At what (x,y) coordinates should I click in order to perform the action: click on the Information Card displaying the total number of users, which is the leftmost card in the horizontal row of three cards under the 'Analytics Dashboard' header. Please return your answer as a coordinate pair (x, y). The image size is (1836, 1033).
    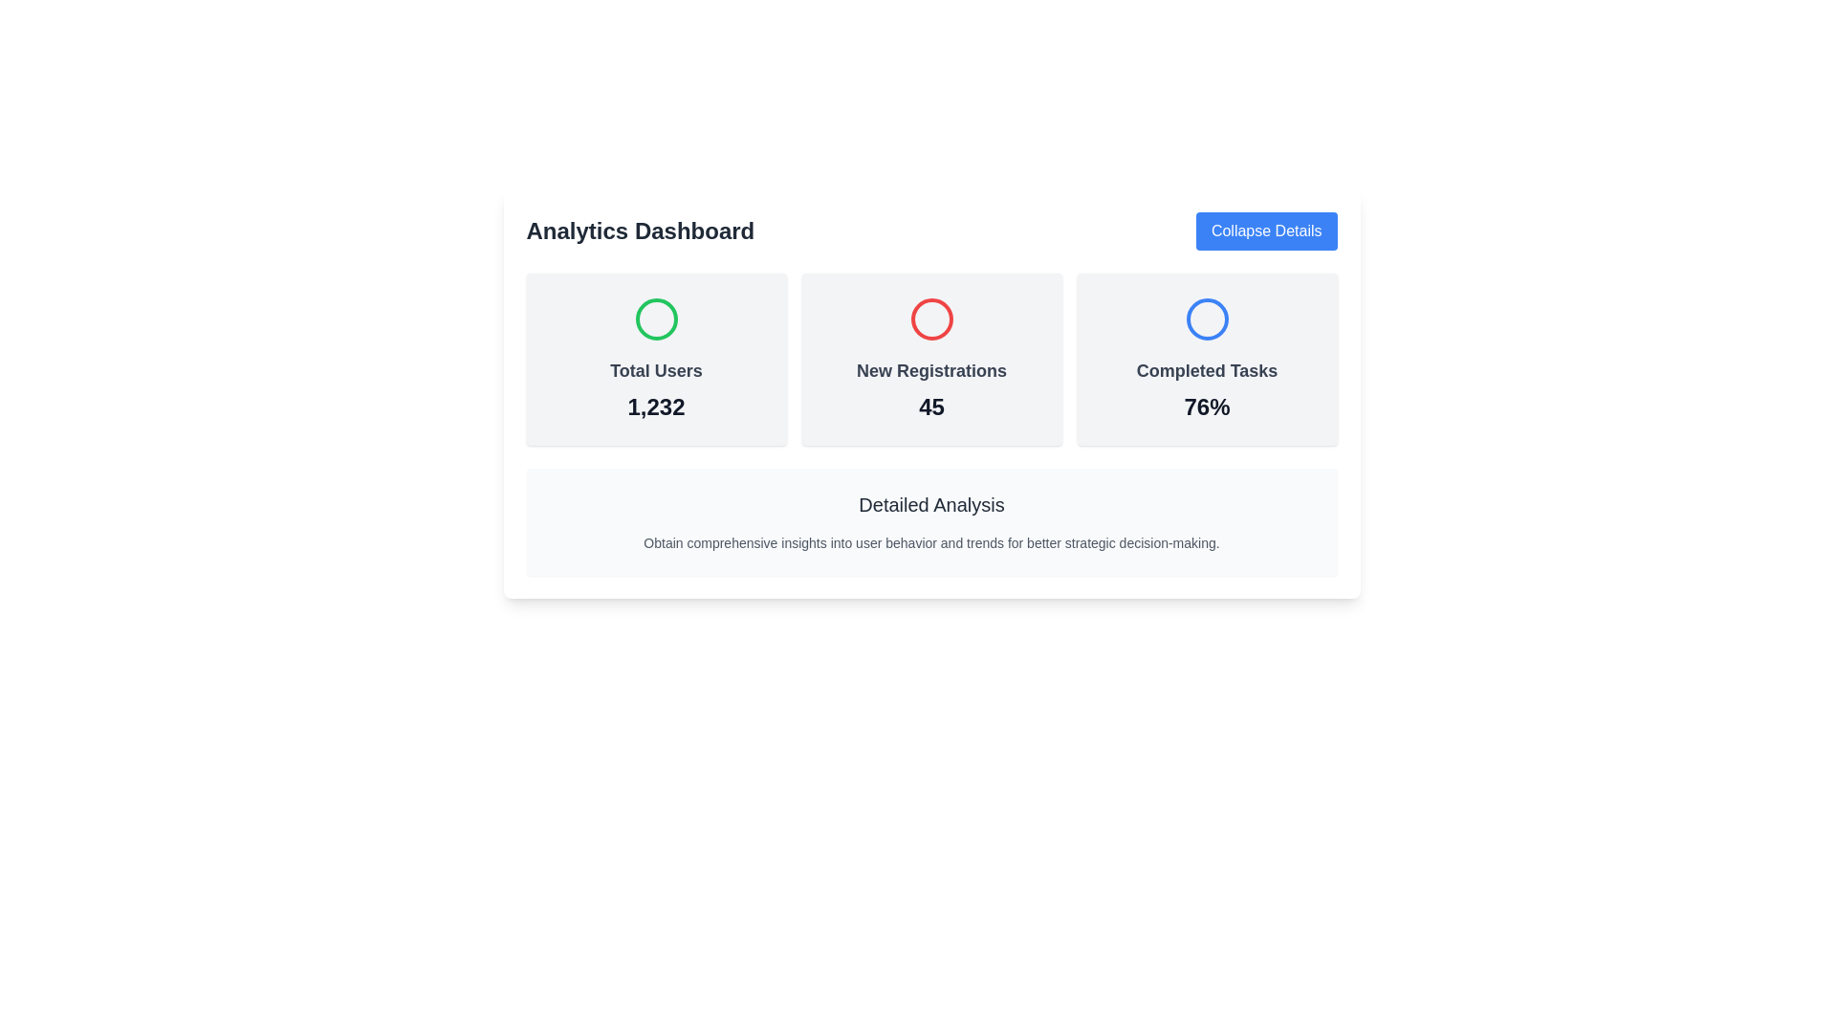
    Looking at the image, I should click on (656, 359).